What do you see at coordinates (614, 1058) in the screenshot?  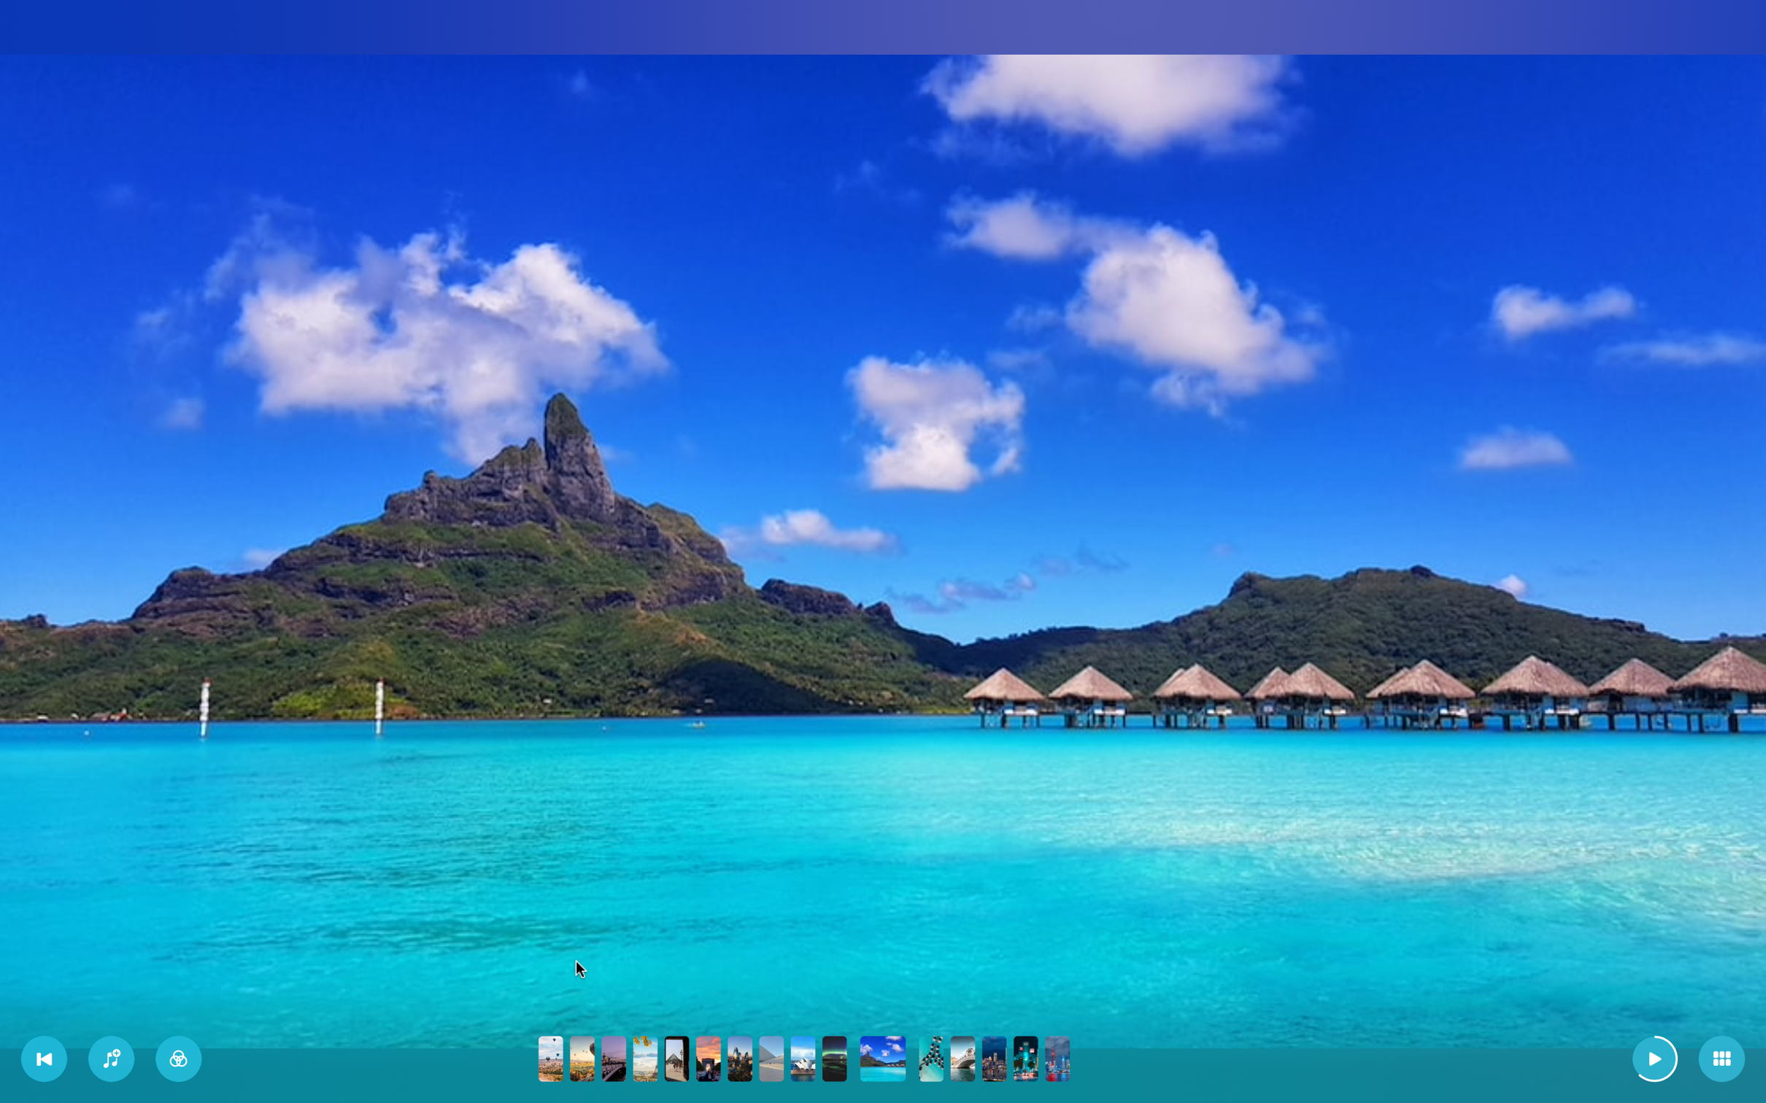 I see `Jump directly to the third slide in the slideshow` at bounding box center [614, 1058].